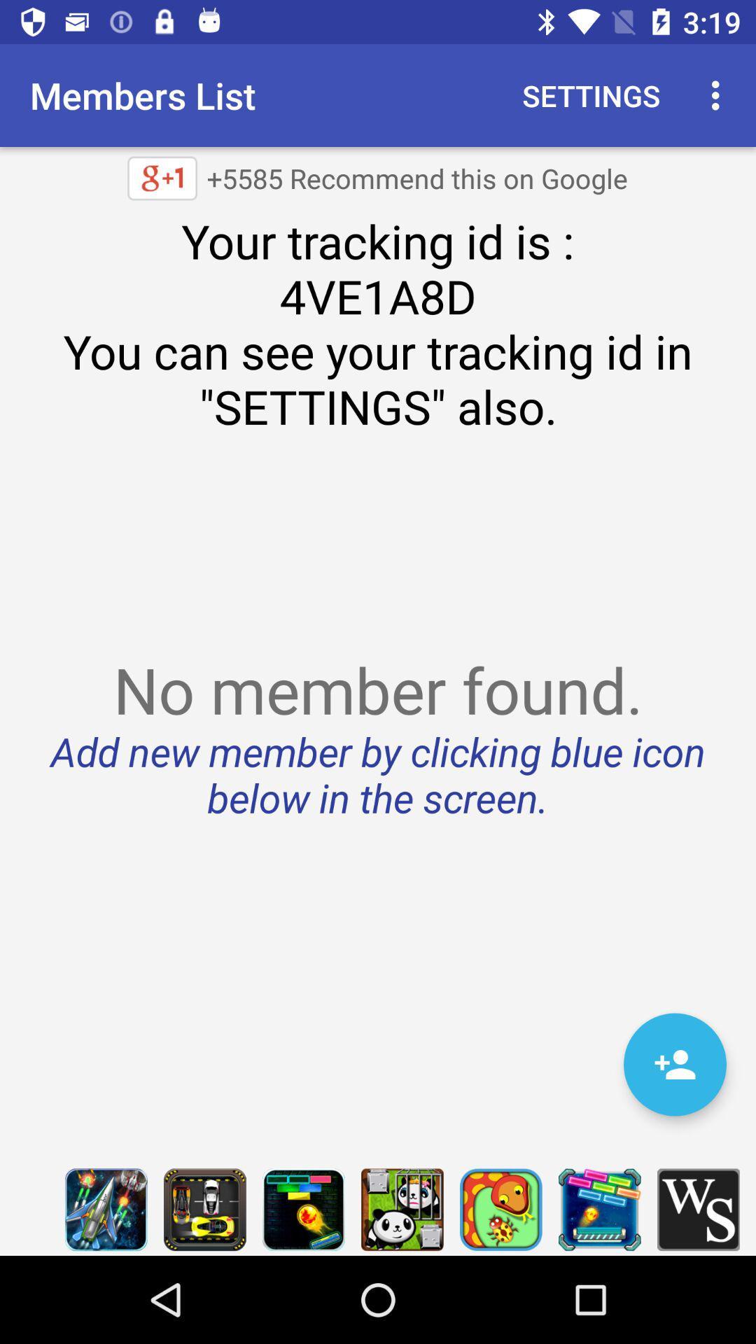  What do you see at coordinates (402, 1209) in the screenshot?
I see `open application` at bounding box center [402, 1209].